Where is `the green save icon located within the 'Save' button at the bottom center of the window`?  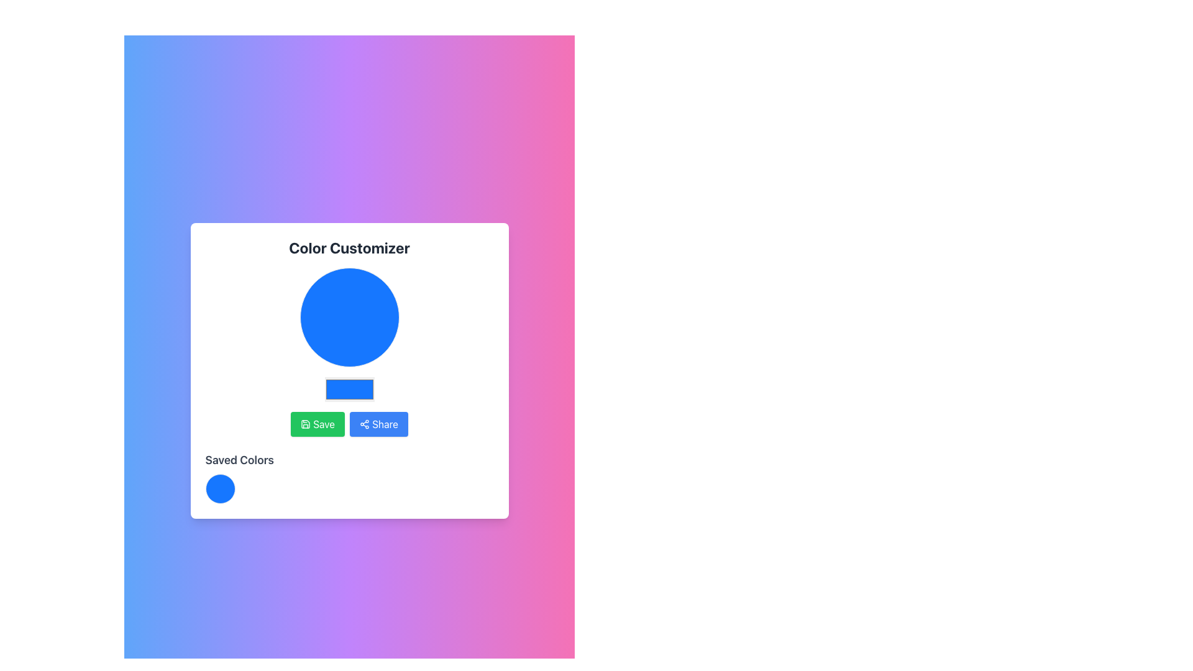 the green save icon located within the 'Save' button at the bottom center of the window is located at coordinates (306, 423).